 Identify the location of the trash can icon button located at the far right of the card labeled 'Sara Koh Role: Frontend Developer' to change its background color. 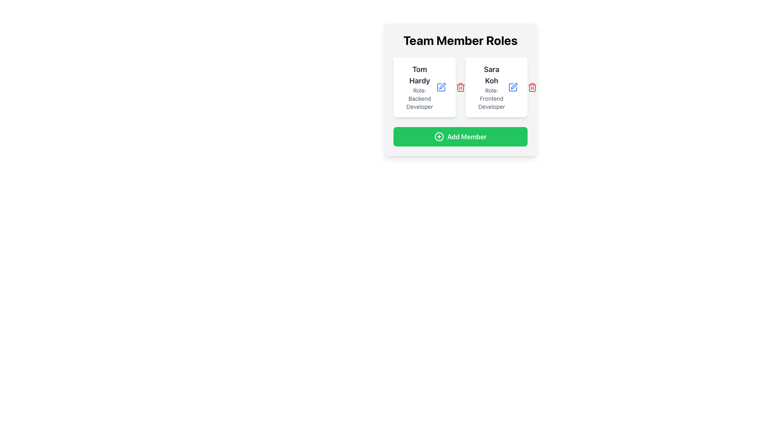
(532, 87).